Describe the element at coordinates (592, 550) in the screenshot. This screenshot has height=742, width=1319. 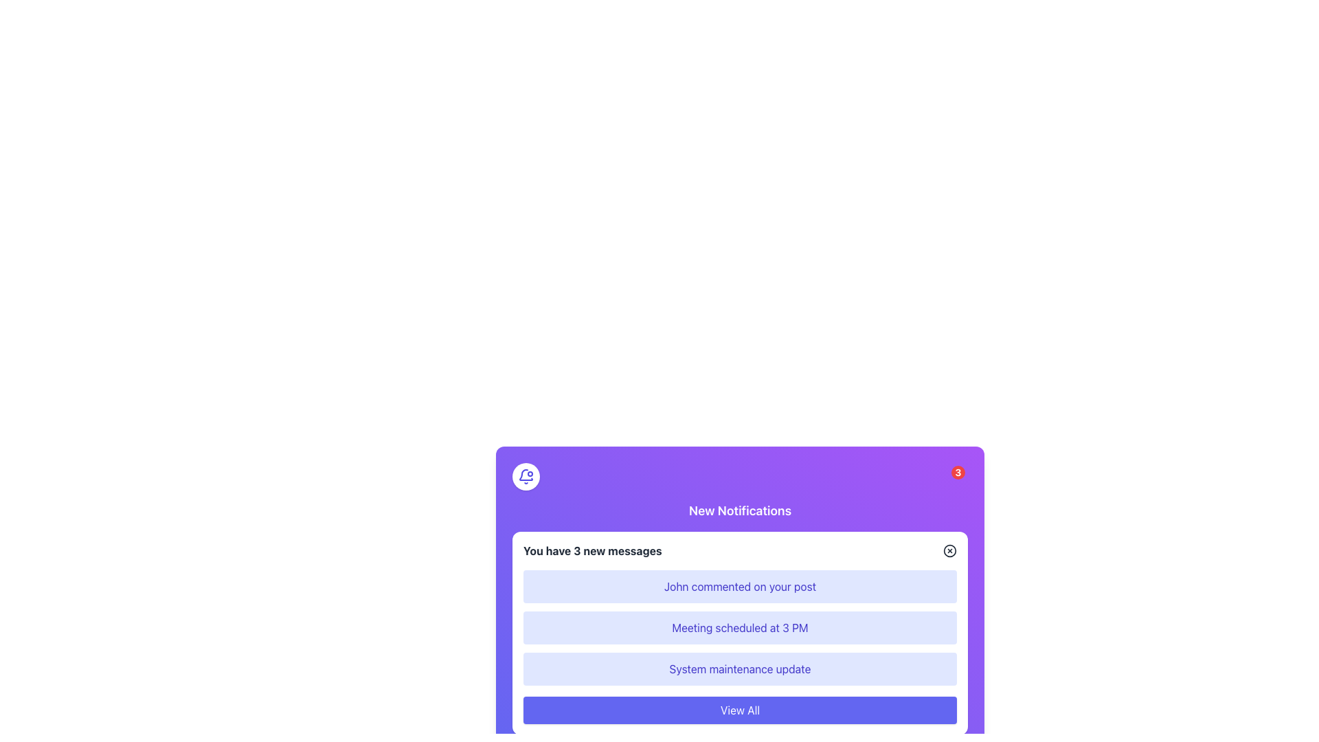
I see `the static text element that displays the number of new messages received, located at the top-left section of the notifications panel` at that location.